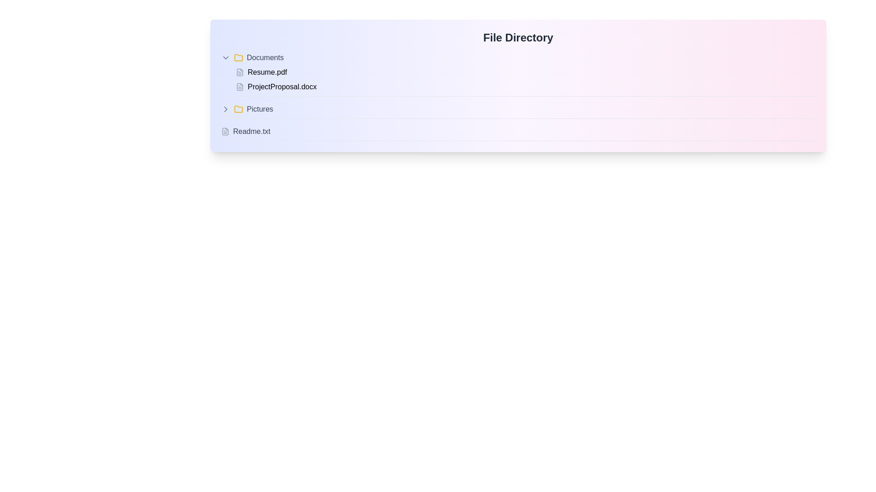  I want to click on the file item named 'Readme.txt' located at the bottom of the directory structure, so click(518, 132).